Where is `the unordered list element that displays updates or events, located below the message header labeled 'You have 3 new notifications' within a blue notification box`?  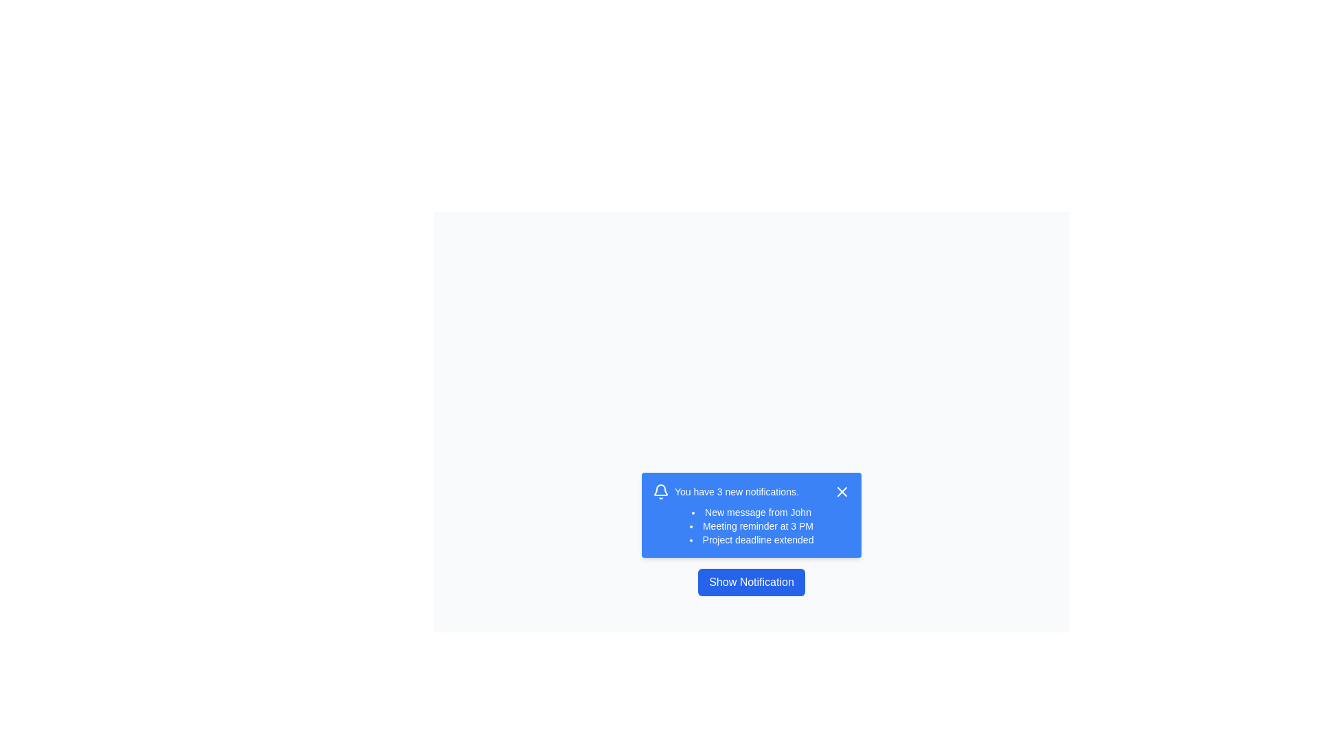
the unordered list element that displays updates or events, located below the message header labeled 'You have 3 new notifications' within a blue notification box is located at coordinates (750, 526).